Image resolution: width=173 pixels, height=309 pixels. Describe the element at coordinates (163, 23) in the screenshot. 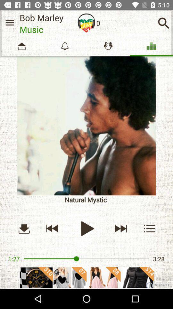

I see `search button` at that location.